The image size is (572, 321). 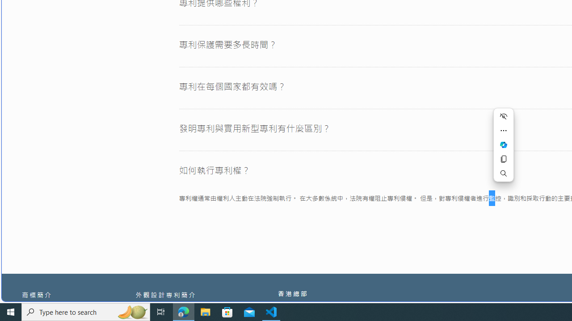 What do you see at coordinates (504, 144) in the screenshot?
I see `'Ask Copilot'` at bounding box center [504, 144].